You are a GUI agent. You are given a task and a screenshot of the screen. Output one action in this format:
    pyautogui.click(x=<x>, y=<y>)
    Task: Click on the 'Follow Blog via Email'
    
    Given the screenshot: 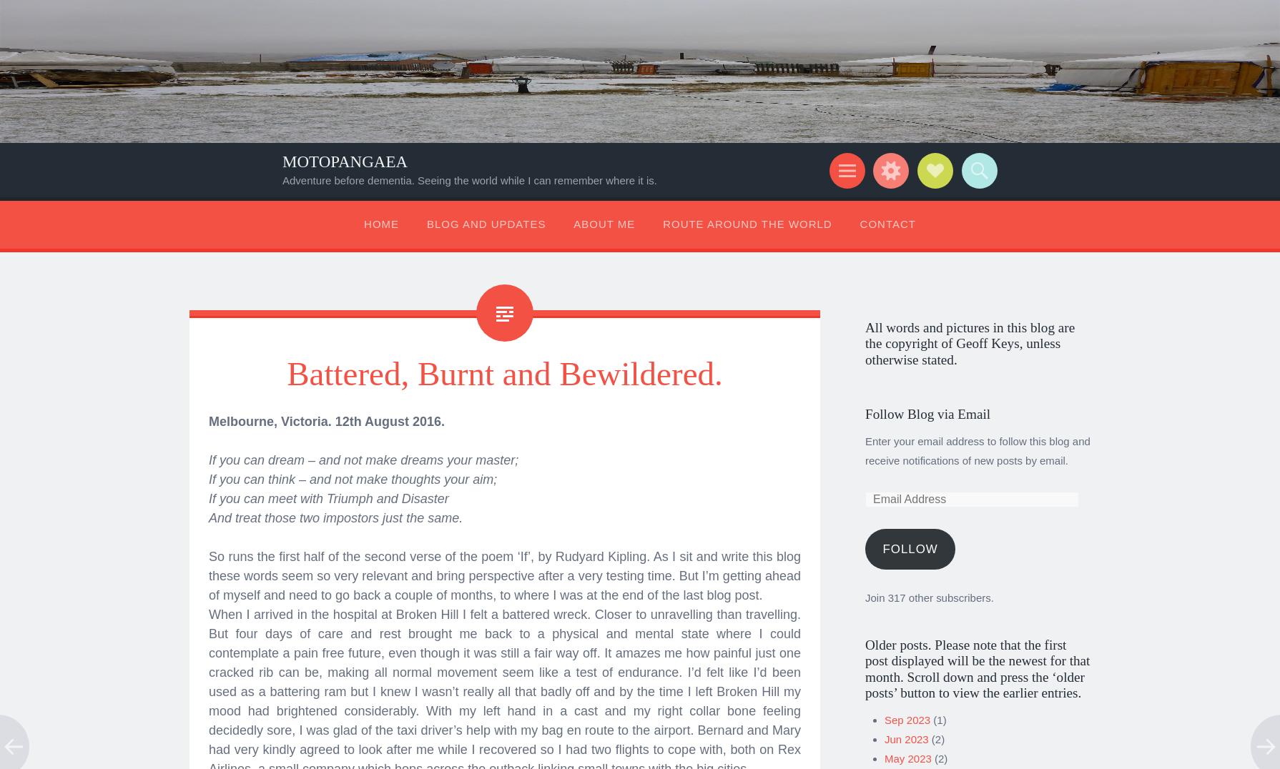 What is the action you would take?
    pyautogui.click(x=865, y=408)
    